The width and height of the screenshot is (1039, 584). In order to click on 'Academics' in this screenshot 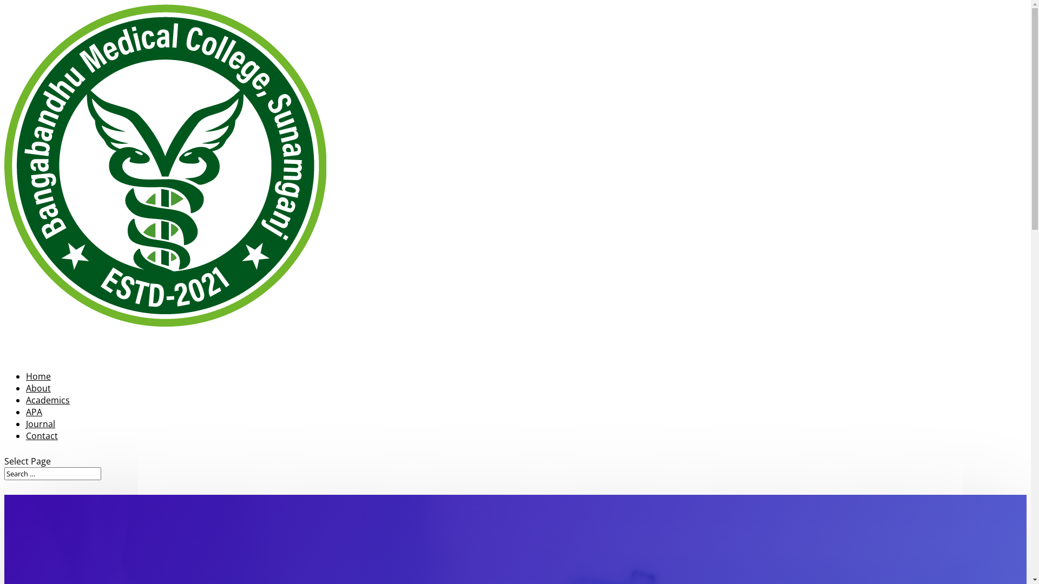, I will do `click(26, 416)`.